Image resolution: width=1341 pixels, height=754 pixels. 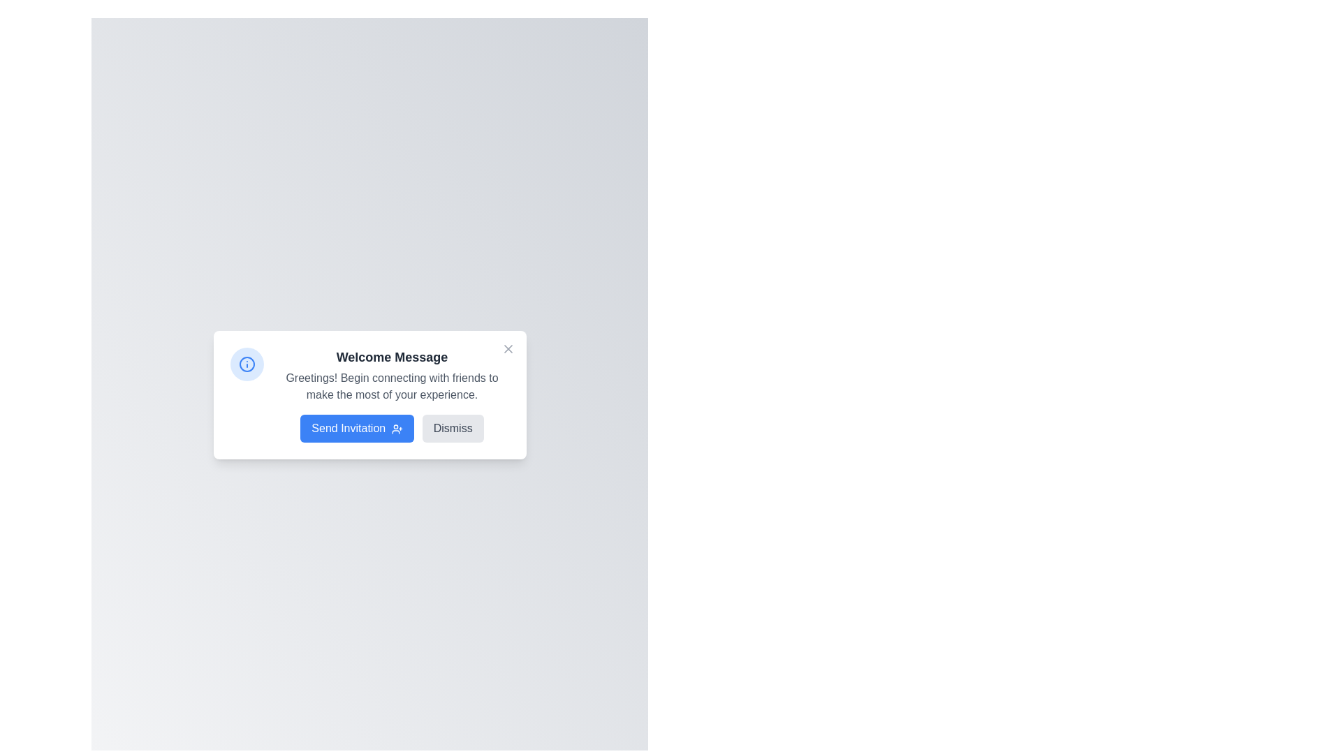 I want to click on the text block that reads 'Greetings! Begin connecting with friends to make the most of your experience.', which is located directly below the 'Welcome Message' title in the modal box, so click(x=391, y=387).